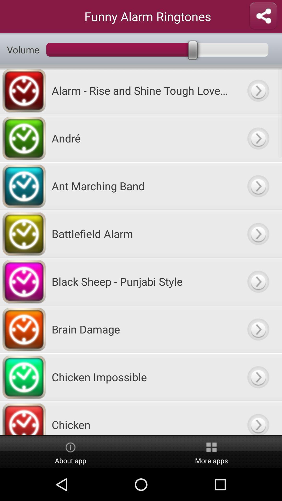 The image size is (282, 501). I want to click on next, so click(258, 281).